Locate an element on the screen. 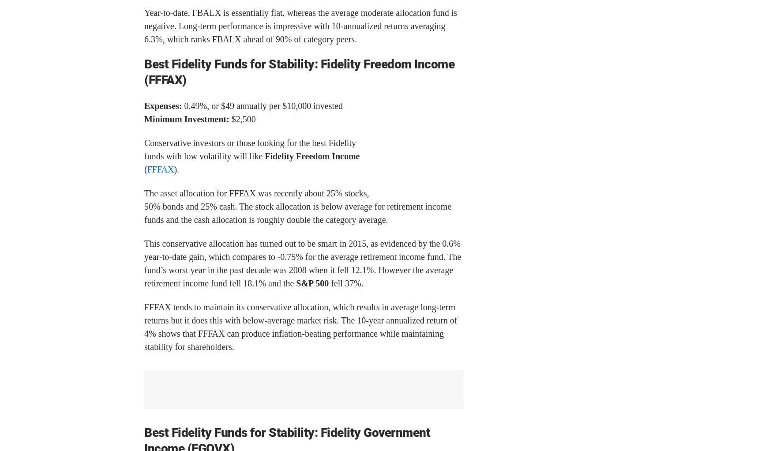 The width and height of the screenshot is (758, 451). 'The asset allocation for FFFAX was recently about 25% stocks, 50% bonds and 25% cash. The stock allocation is below average for retirement income funds and the cash allocation is roughly double the category average.' is located at coordinates (298, 205).